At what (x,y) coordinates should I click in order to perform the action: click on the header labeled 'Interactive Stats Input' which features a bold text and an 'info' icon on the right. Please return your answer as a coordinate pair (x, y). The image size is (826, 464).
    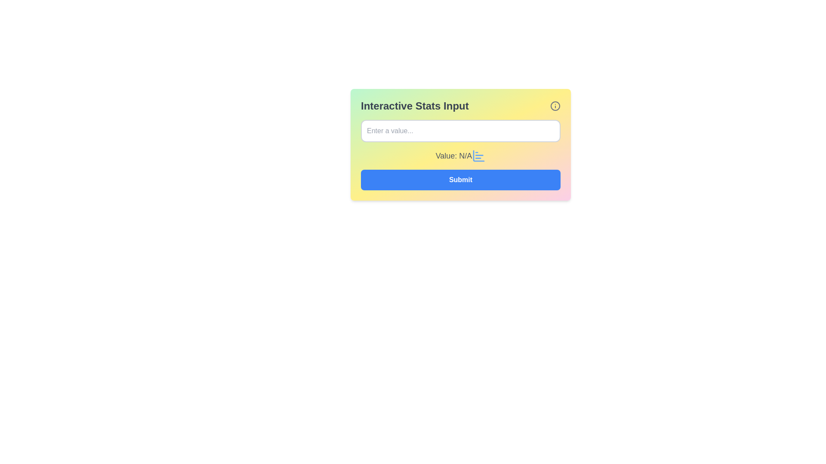
    Looking at the image, I should click on (460, 105).